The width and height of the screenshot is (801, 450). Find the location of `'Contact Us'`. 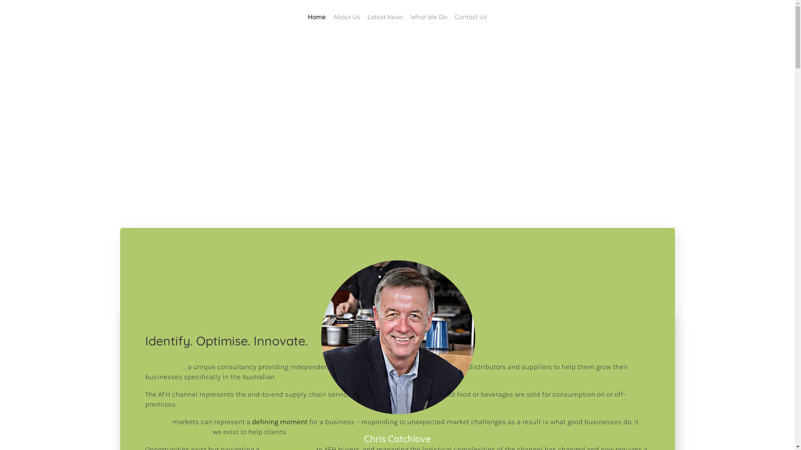

'Contact Us' is located at coordinates (450, 17).